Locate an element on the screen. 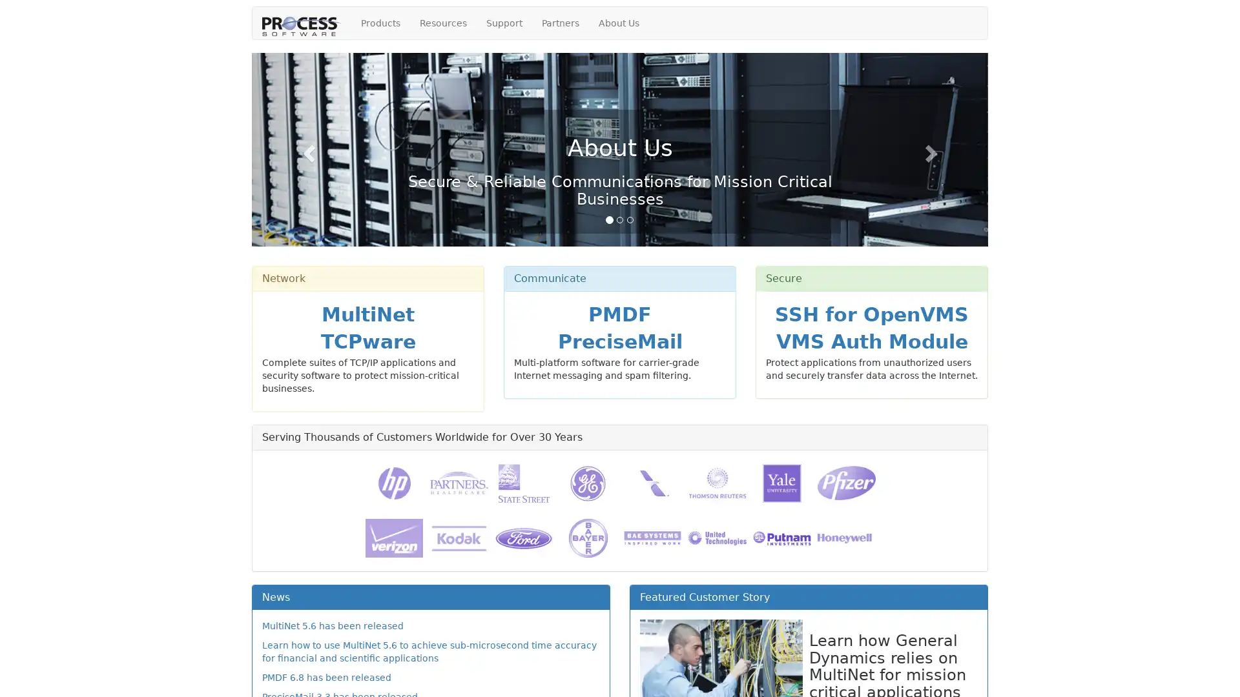  Next is located at coordinates (933, 148).